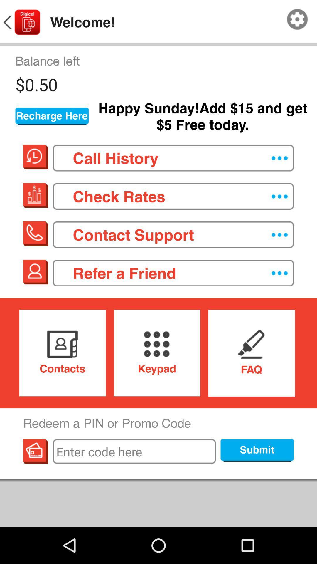 This screenshot has width=317, height=564. Describe the element at coordinates (297, 21) in the screenshot. I see `the settings icon` at that location.